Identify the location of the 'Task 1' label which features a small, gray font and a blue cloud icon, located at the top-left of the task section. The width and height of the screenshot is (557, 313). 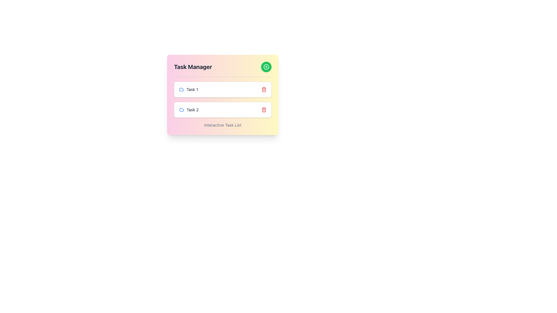
(188, 89).